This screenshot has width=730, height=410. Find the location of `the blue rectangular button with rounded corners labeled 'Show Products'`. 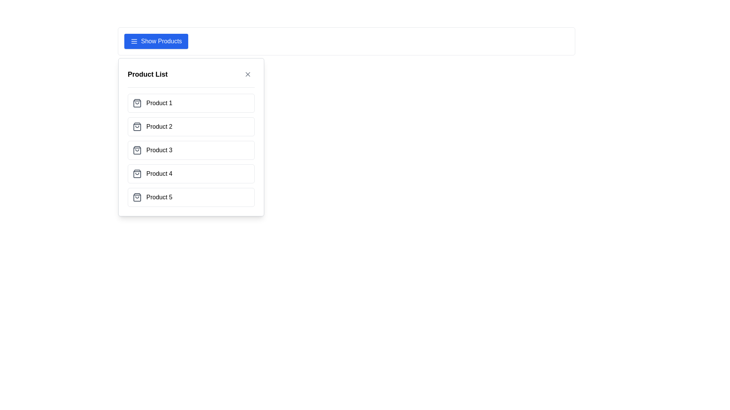

the blue rectangular button with rounded corners labeled 'Show Products' is located at coordinates (156, 41).